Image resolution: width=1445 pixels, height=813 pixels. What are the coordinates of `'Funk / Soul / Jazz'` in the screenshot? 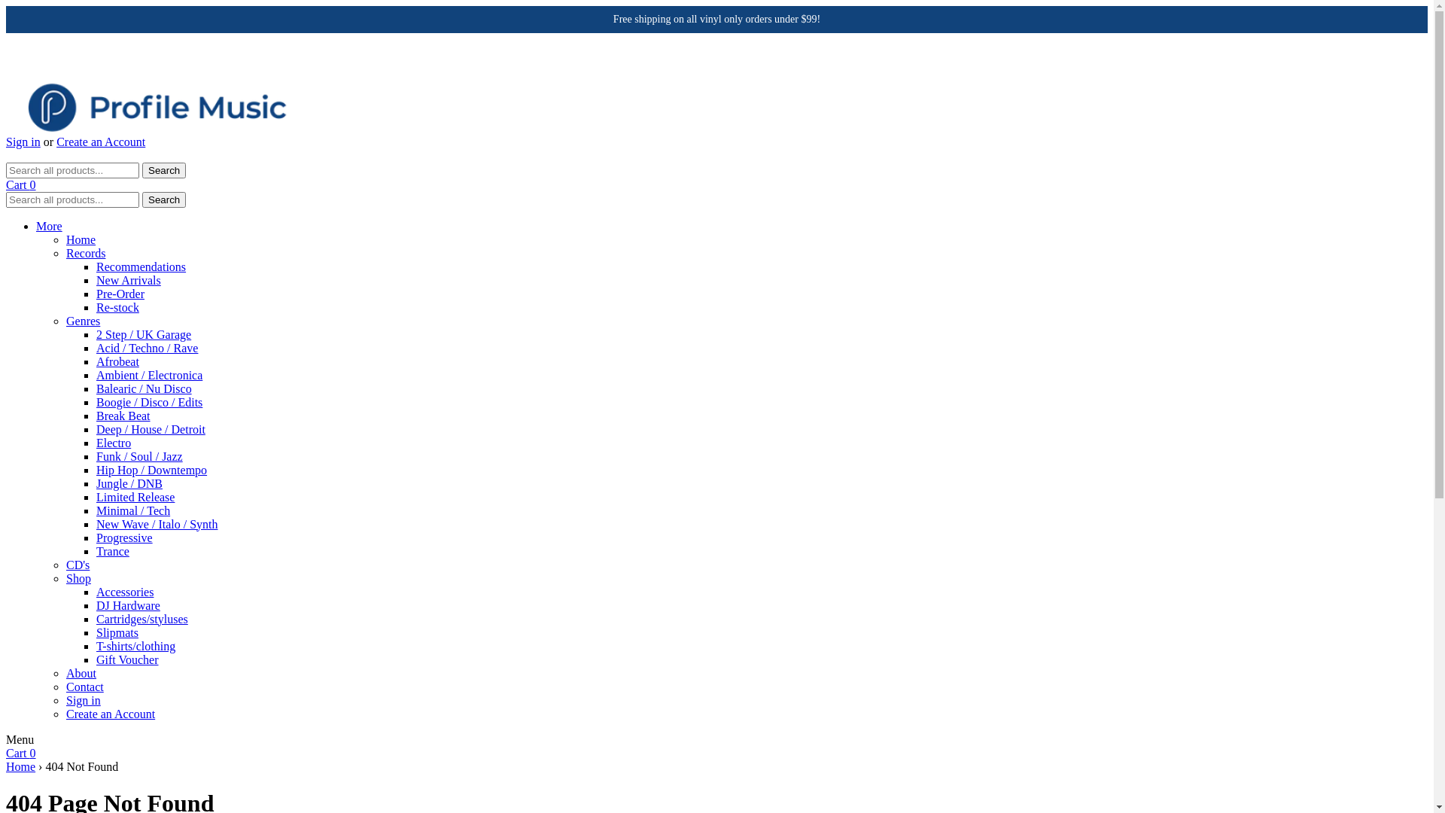 It's located at (139, 455).